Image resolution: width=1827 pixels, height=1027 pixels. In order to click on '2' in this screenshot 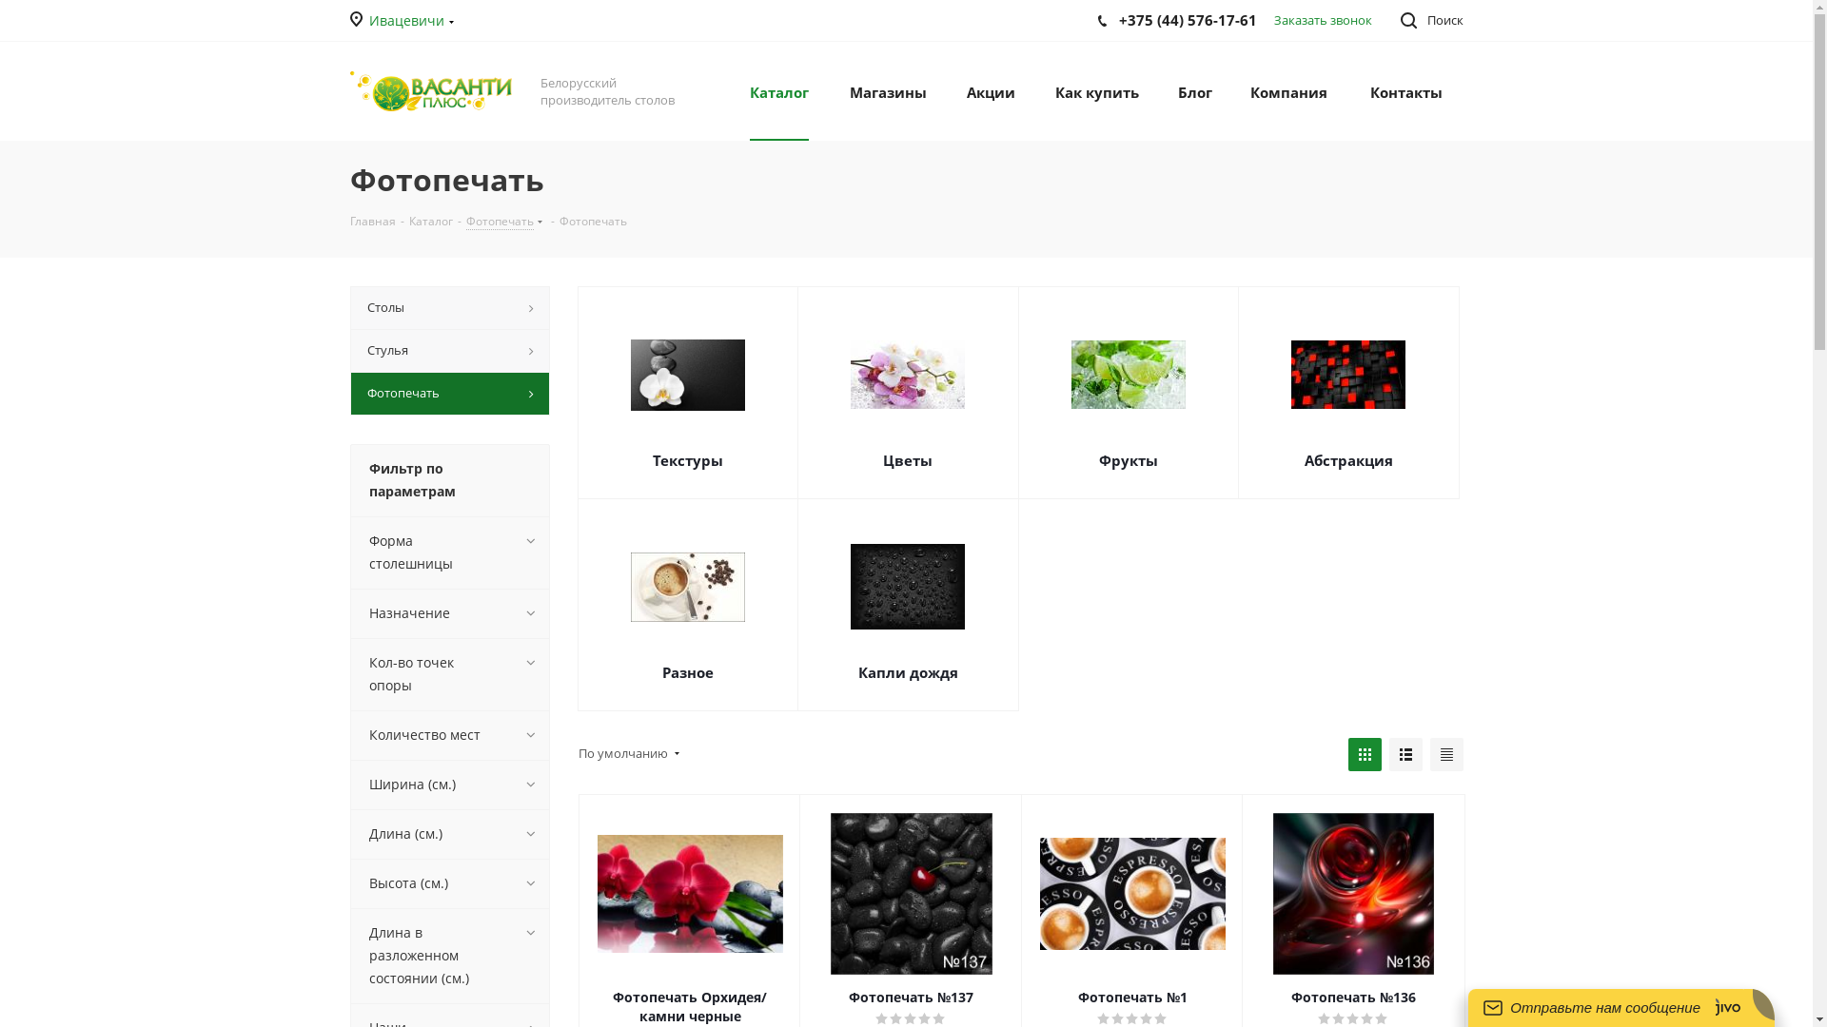, I will do `click(1338, 1018)`.